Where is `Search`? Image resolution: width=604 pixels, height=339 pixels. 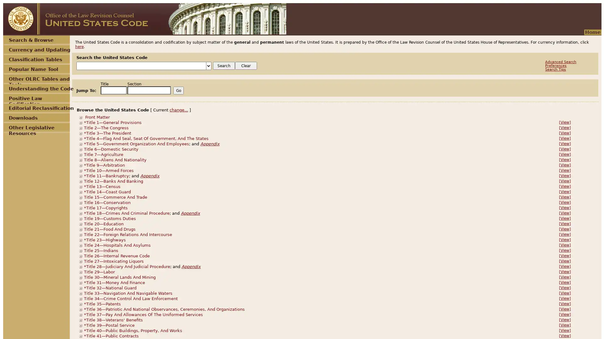 Search is located at coordinates (224, 66).